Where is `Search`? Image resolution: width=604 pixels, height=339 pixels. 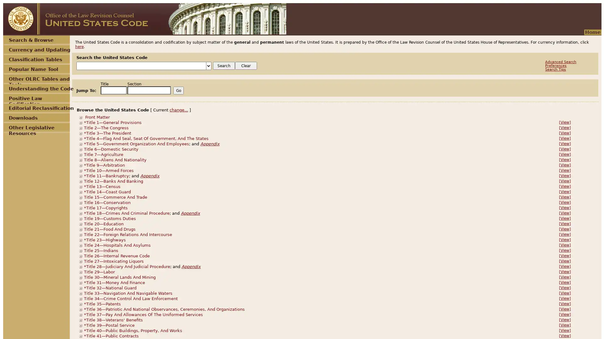 Search is located at coordinates (224, 66).